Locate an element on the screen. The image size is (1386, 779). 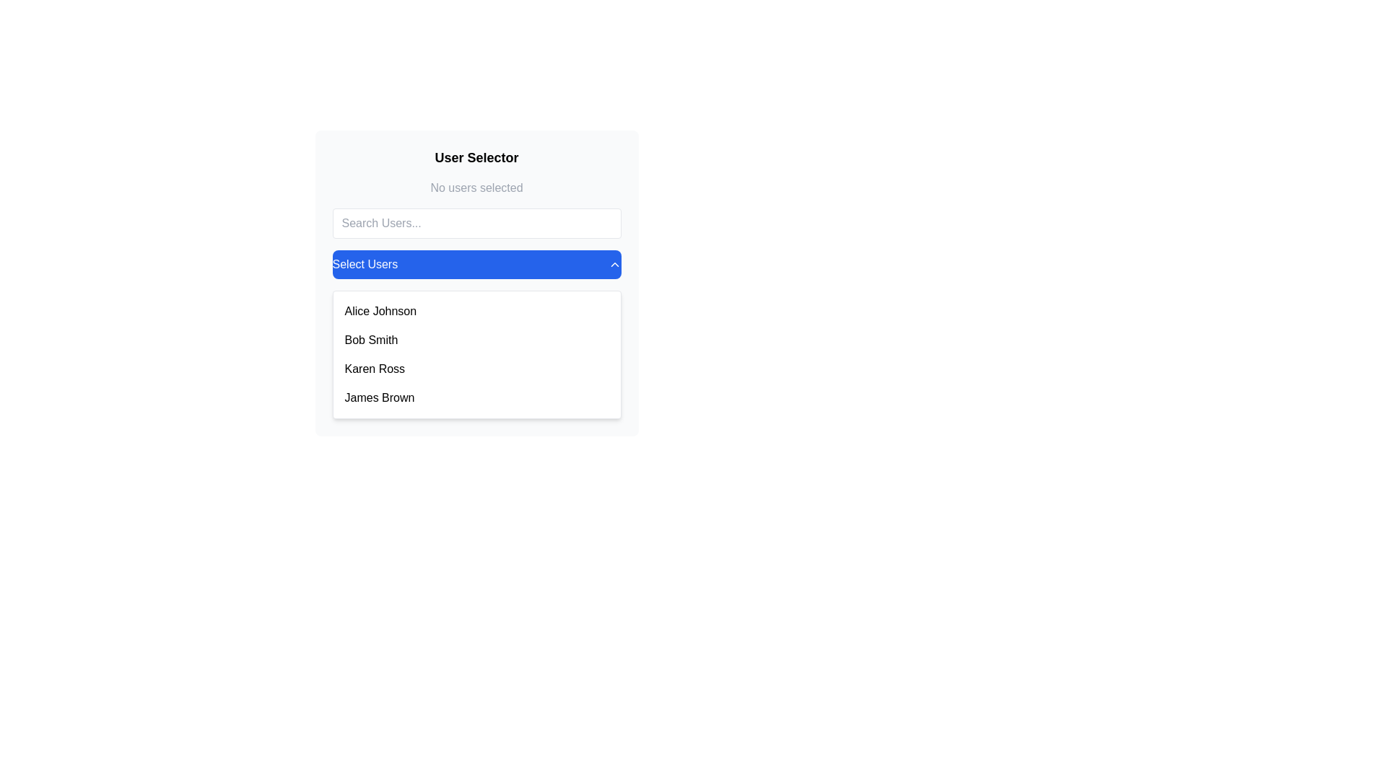
the text label 'Bob Smith', which is the second entry in the list of names under the header 'Select Users' is located at coordinates (371, 340).